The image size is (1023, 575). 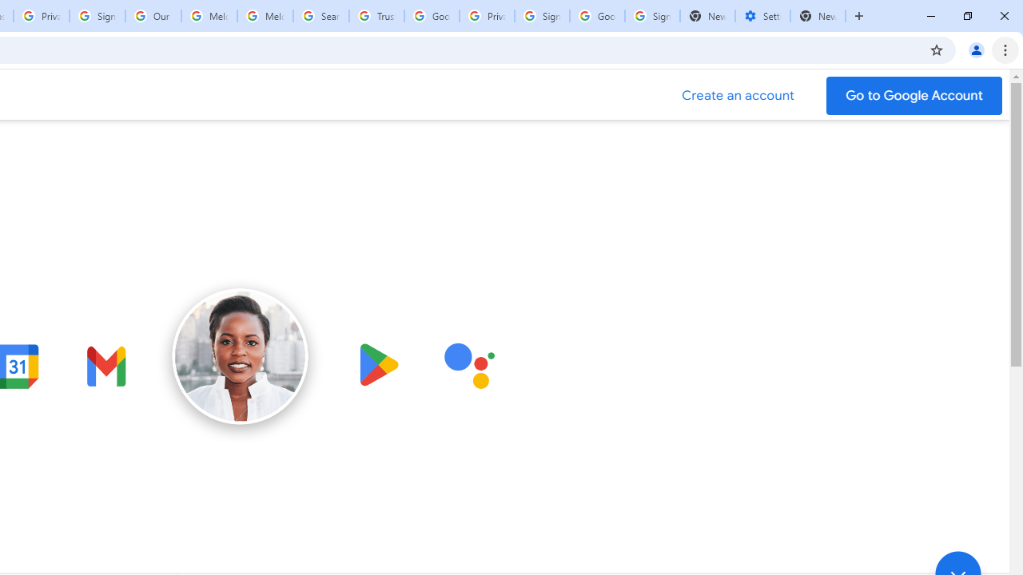 I want to click on 'Trusted Information and Content - Google Safety Center', so click(x=376, y=16).